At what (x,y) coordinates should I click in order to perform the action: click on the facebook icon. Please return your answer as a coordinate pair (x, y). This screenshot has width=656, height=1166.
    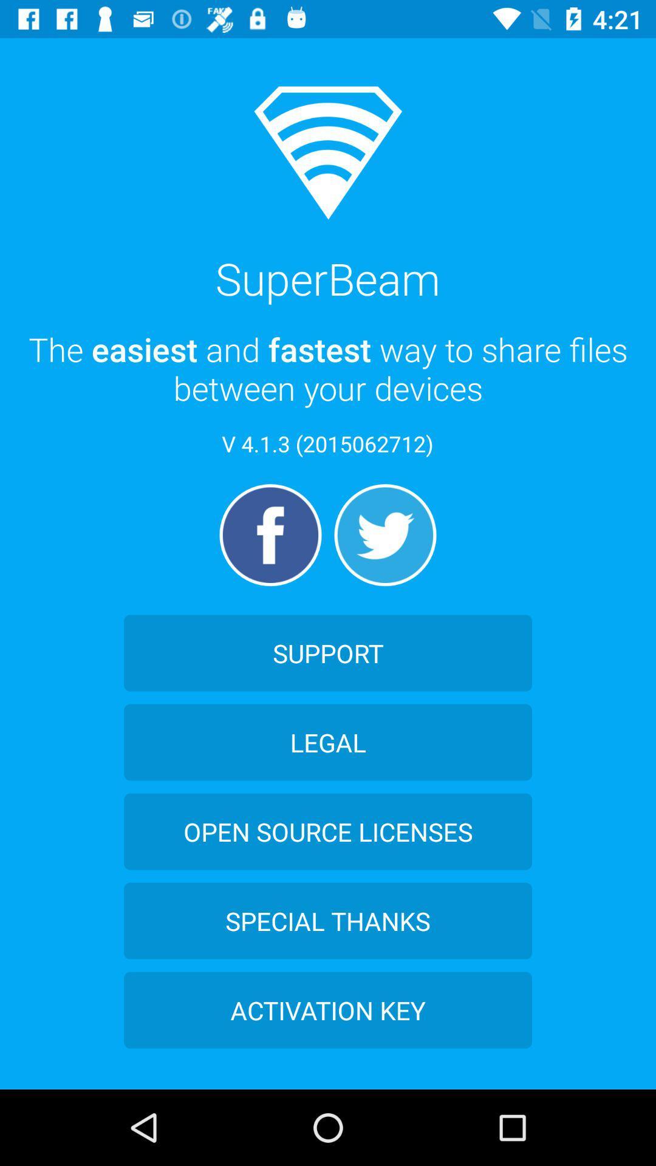
    Looking at the image, I should click on (270, 534).